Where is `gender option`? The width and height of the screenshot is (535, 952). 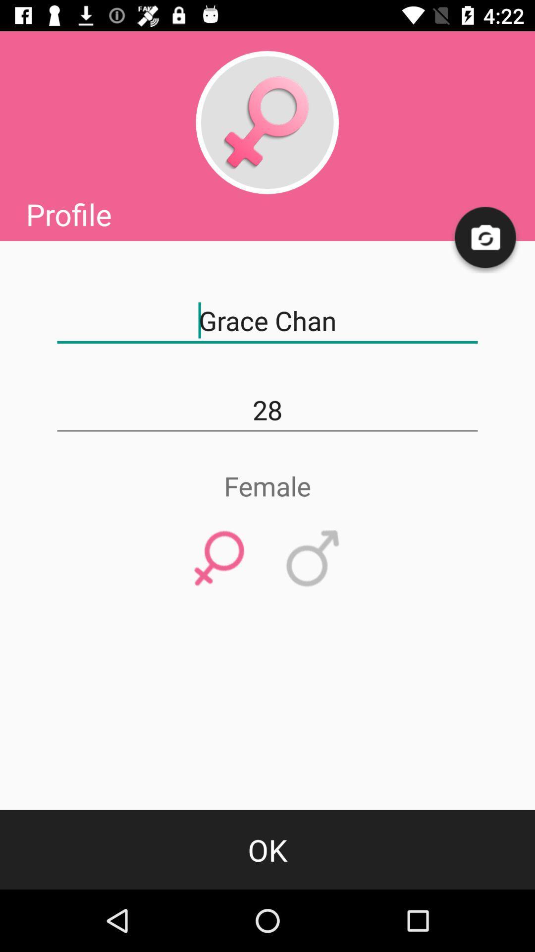
gender option is located at coordinates (267, 122).